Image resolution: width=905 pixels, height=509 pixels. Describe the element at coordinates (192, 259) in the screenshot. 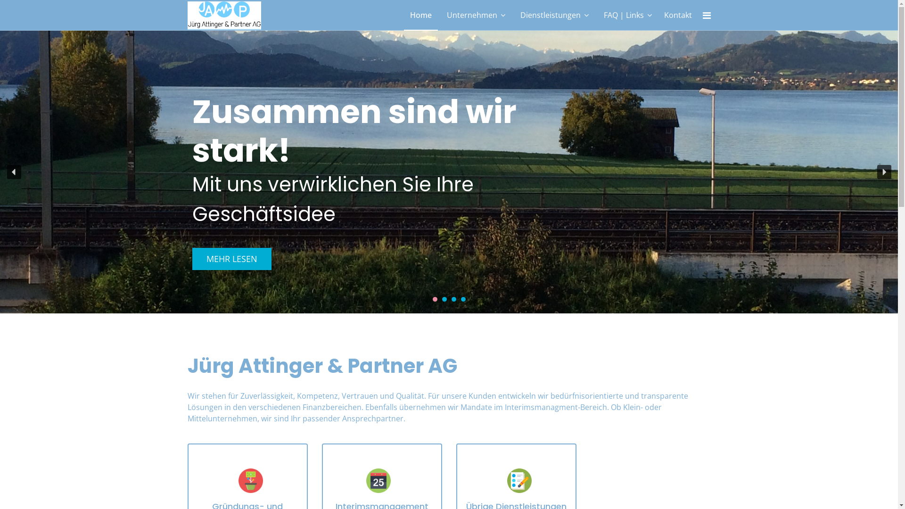

I see `'MEHR LESEN'` at that location.